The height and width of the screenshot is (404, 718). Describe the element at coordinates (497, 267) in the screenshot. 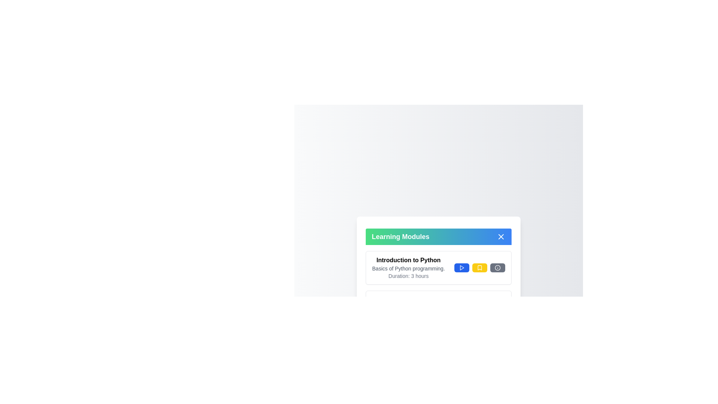

I see `the 'Info' button for the module titled 'Introduction to Python'` at that location.